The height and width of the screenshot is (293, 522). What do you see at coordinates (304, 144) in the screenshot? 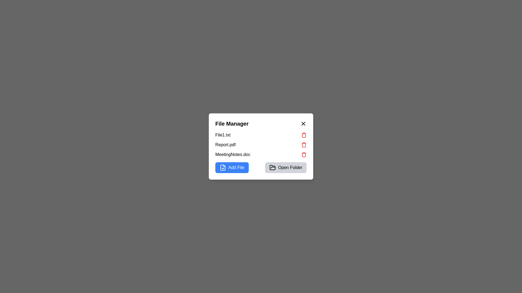
I see `the red trash can icon located next to the 'Report.pdf' text in the file manager` at bounding box center [304, 144].